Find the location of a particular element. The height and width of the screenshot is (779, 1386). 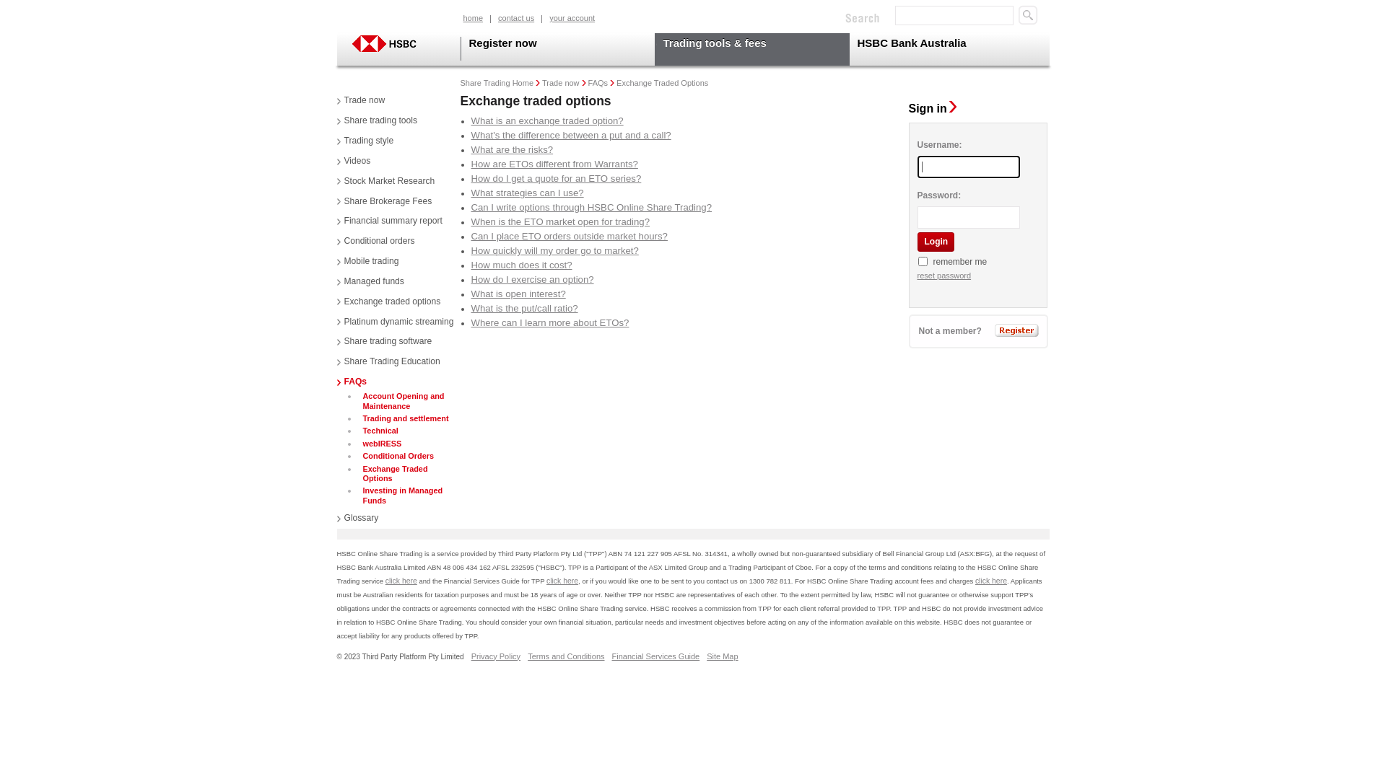

'Exchange Traded Options' is located at coordinates (616, 83).